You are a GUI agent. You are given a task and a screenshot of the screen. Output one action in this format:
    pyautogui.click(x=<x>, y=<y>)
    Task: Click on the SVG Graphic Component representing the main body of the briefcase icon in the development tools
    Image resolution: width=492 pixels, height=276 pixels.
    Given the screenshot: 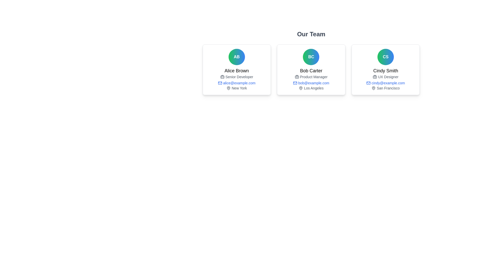 What is the action you would take?
    pyautogui.click(x=222, y=77)
    